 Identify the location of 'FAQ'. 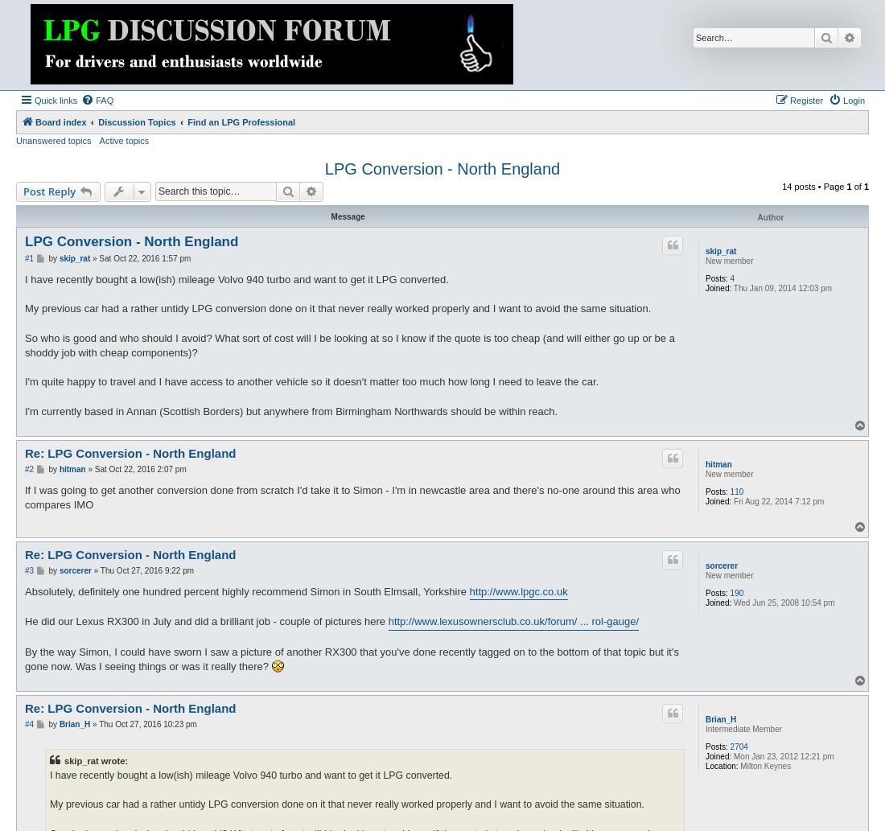
(96, 100).